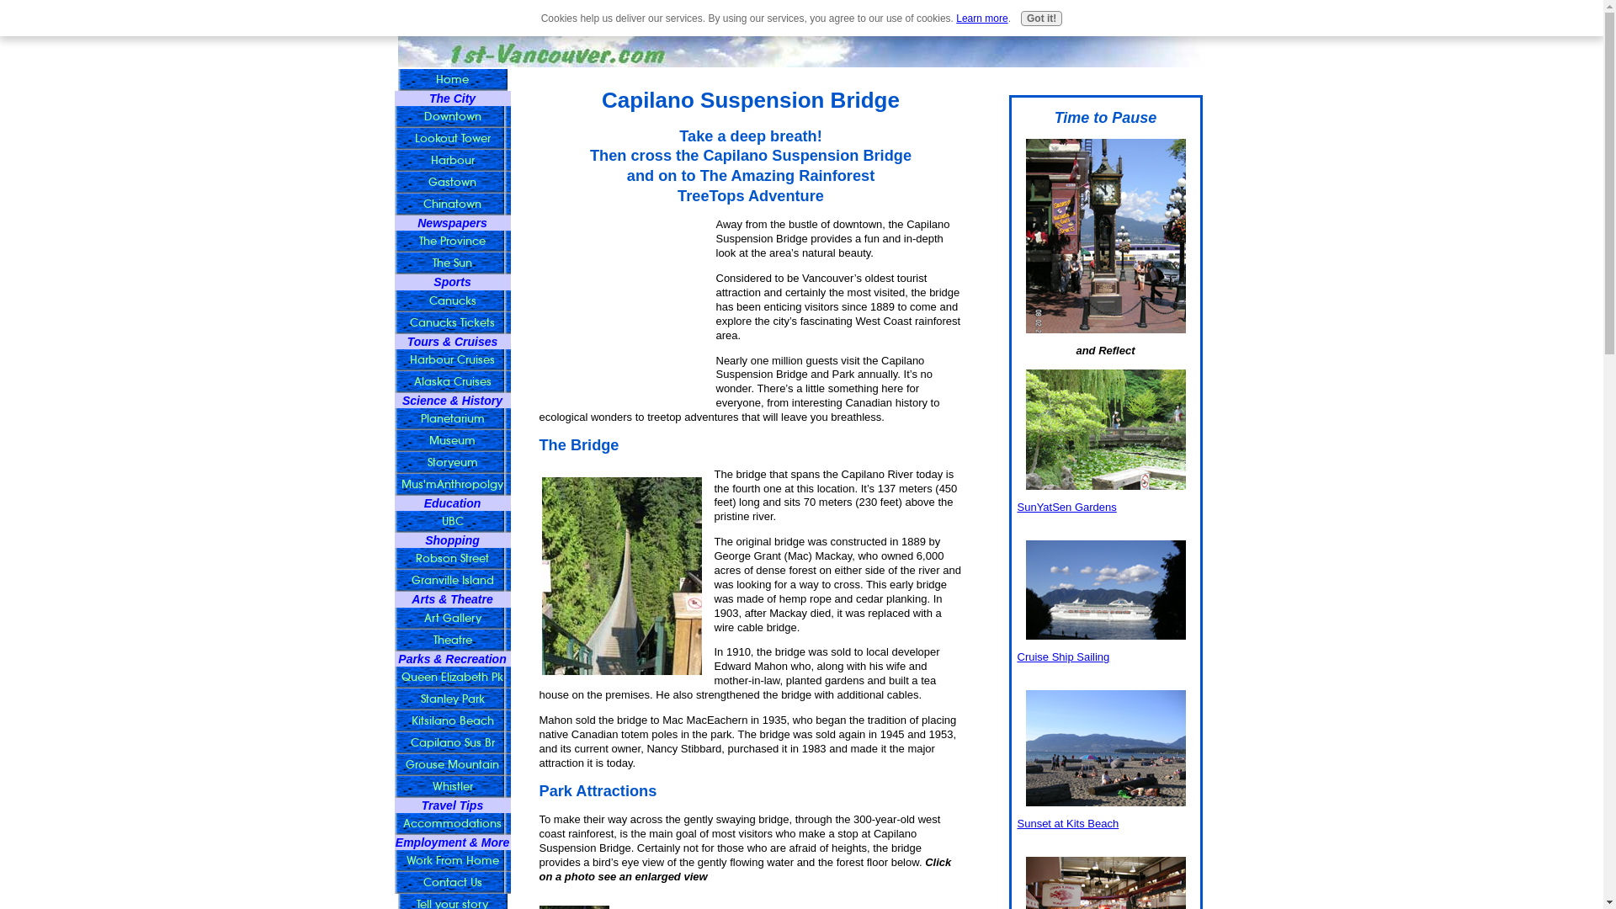 The width and height of the screenshot is (1616, 909). I want to click on 'Robson Street', so click(392, 558).